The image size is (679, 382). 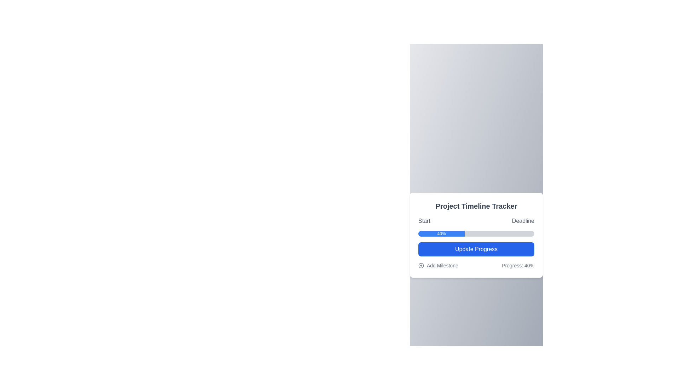 What do you see at coordinates (421, 266) in the screenshot?
I see `the Circular SVG graphic element that represents adding a milestone in the project timeline, adjacent to the 'Add Milestone' text` at bounding box center [421, 266].